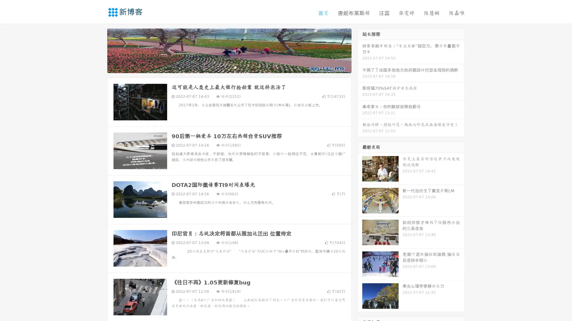 The width and height of the screenshot is (572, 321). I want to click on Go to slide 1, so click(223, 67).